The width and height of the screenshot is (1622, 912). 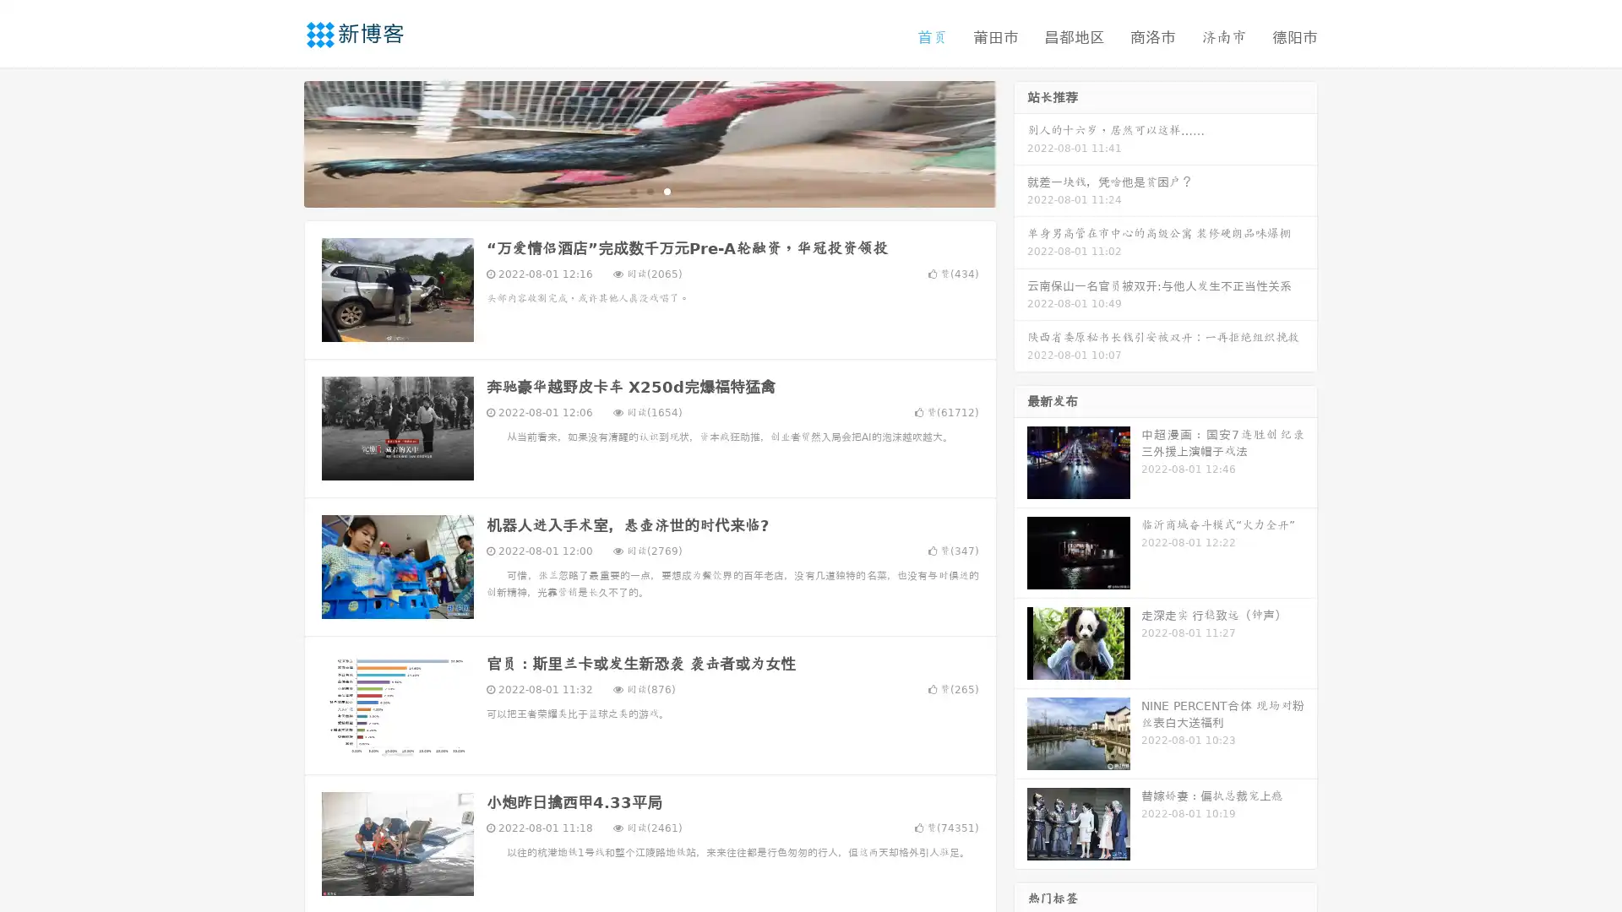 What do you see at coordinates (279, 142) in the screenshot?
I see `Previous slide` at bounding box center [279, 142].